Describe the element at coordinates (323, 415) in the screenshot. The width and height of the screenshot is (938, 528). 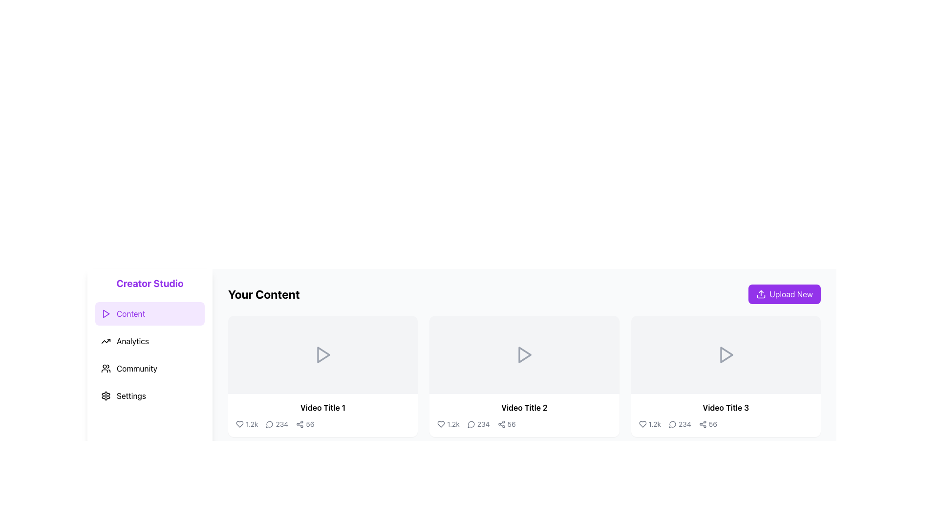
I see `the Information Display Section located at the bottom of the first video card, which shows the video title and engagement statistics` at that location.